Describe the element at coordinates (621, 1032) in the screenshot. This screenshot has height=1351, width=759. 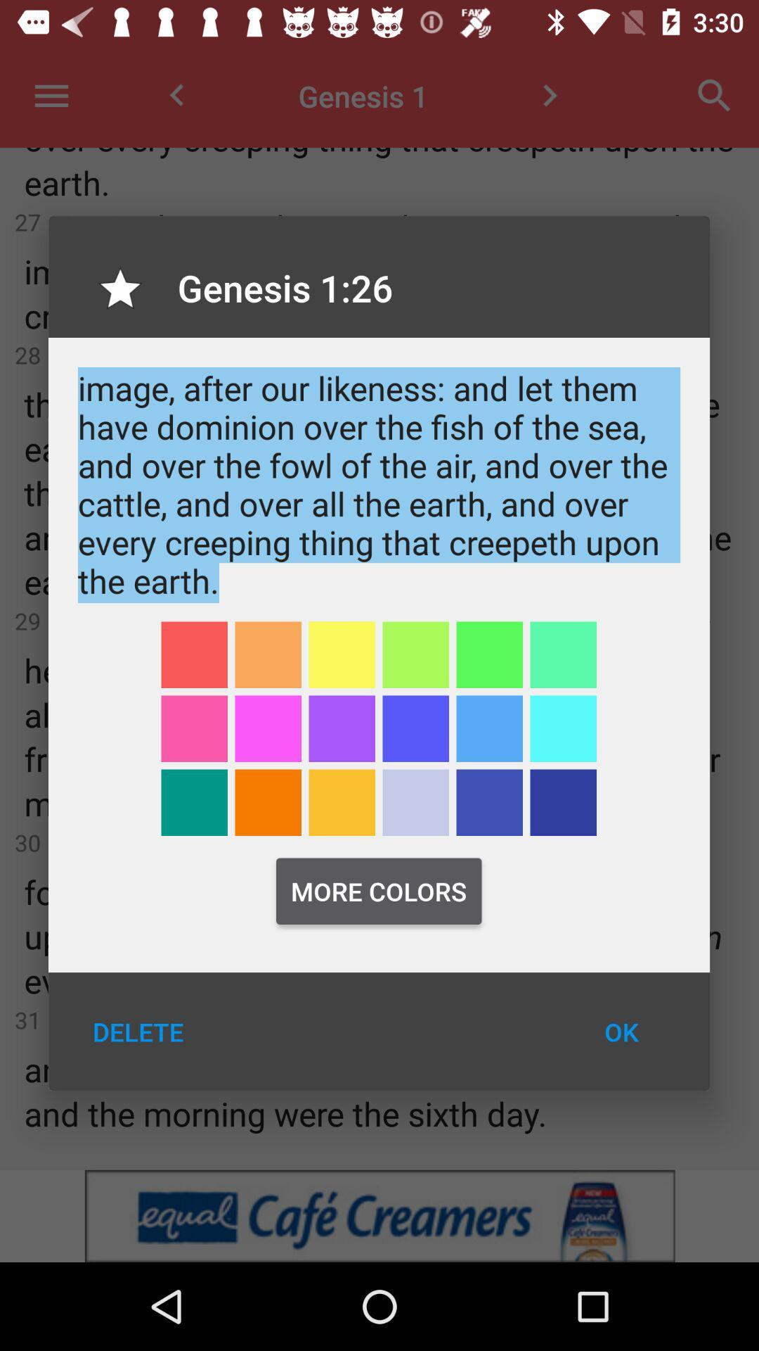
I see `icon at the bottom right corner` at that location.